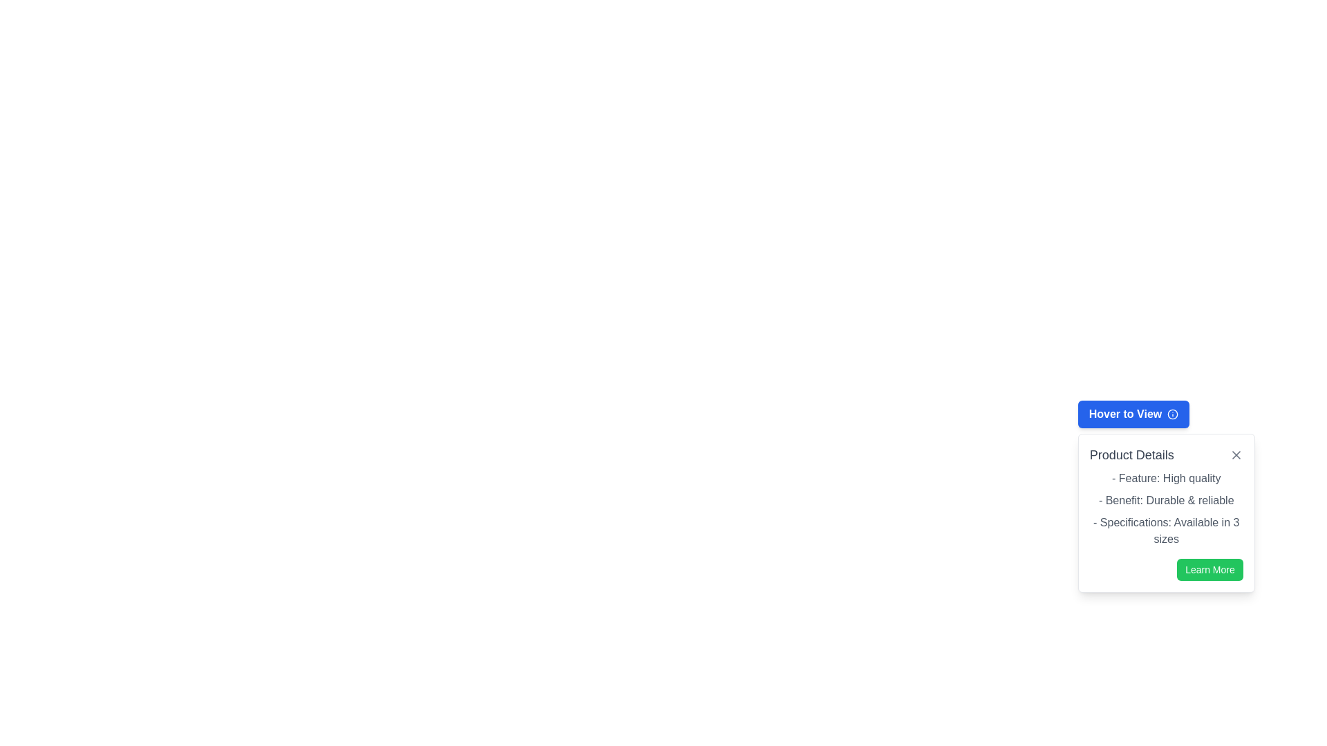  I want to click on the Text element located in the 'Product Details' section, positioned above the 'Learn More' button, so click(1165, 508).